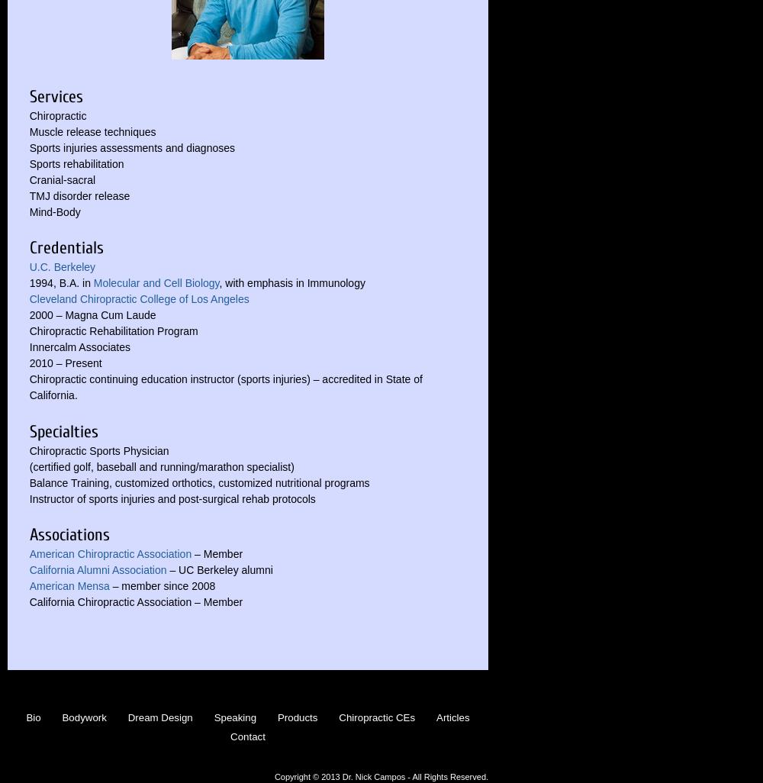 This screenshot has height=783, width=763. Describe the element at coordinates (338, 717) in the screenshot. I see `'Chiropractic CEs'` at that location.